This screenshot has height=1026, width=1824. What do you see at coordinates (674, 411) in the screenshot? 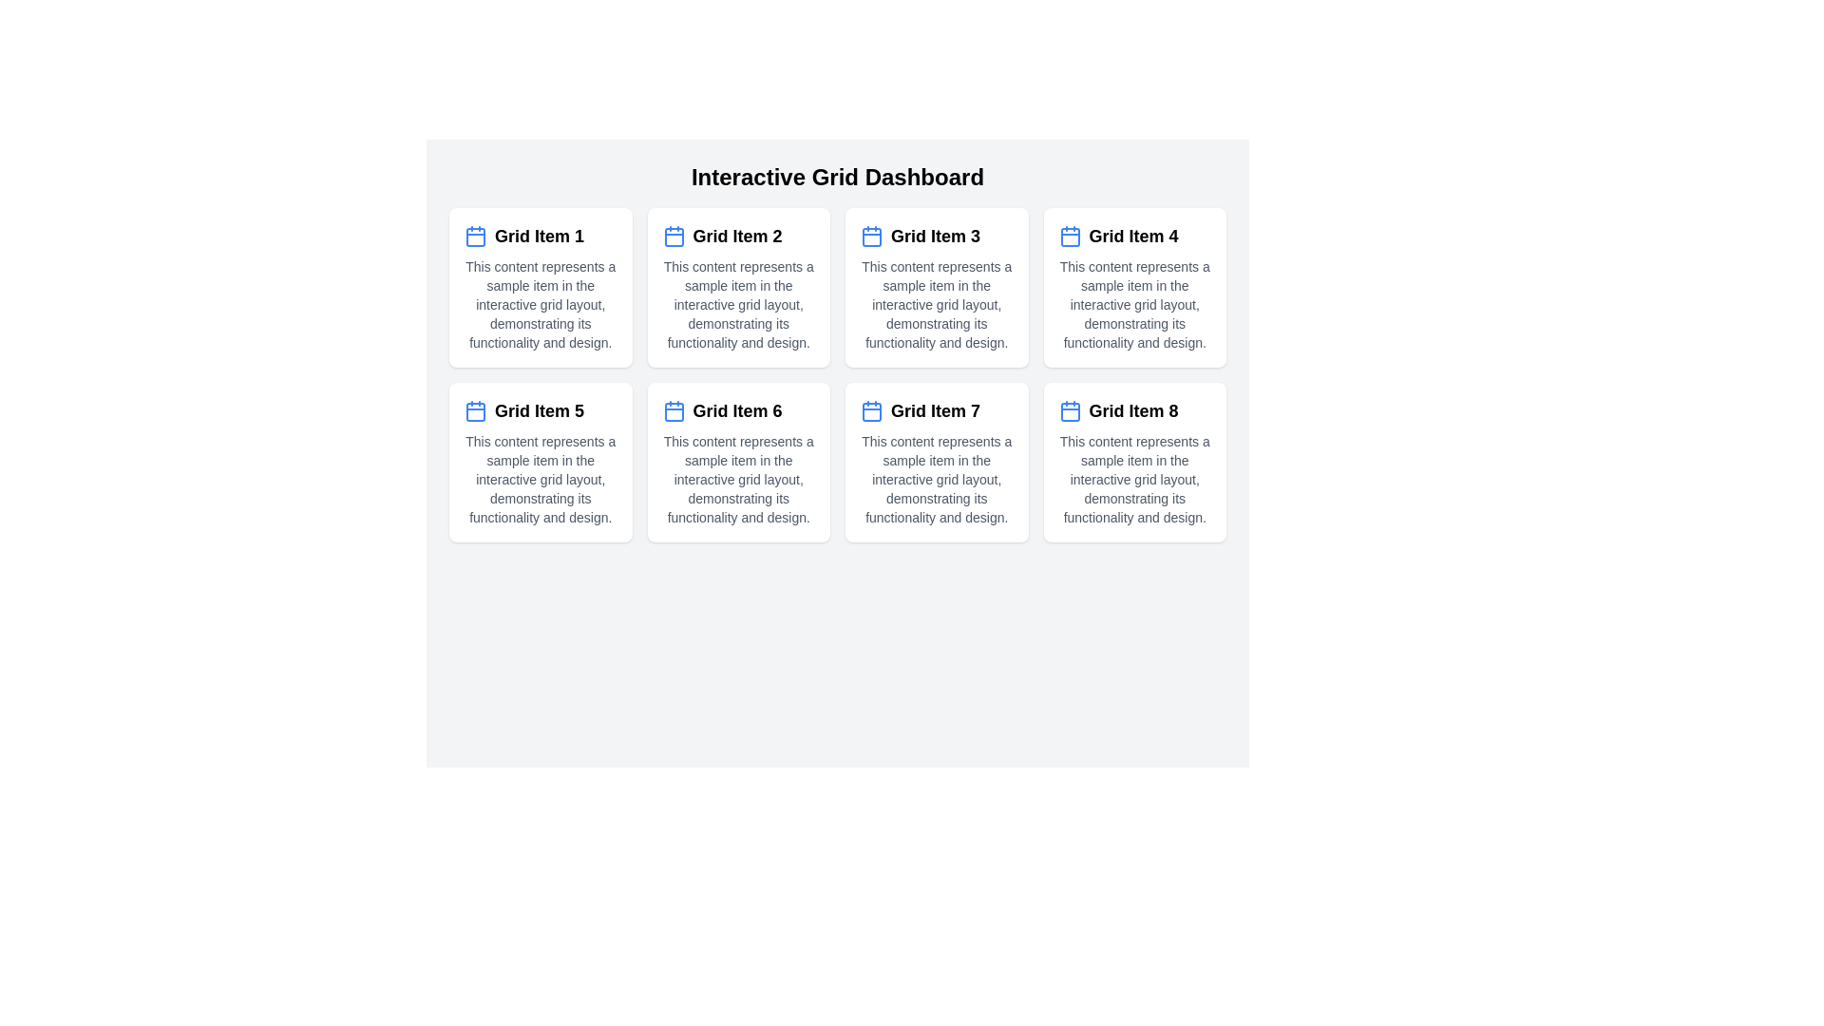
I see `the rounded rectangle with a blue border and light background that represents the body of the calendar icon` at bounding box center [674, 411].